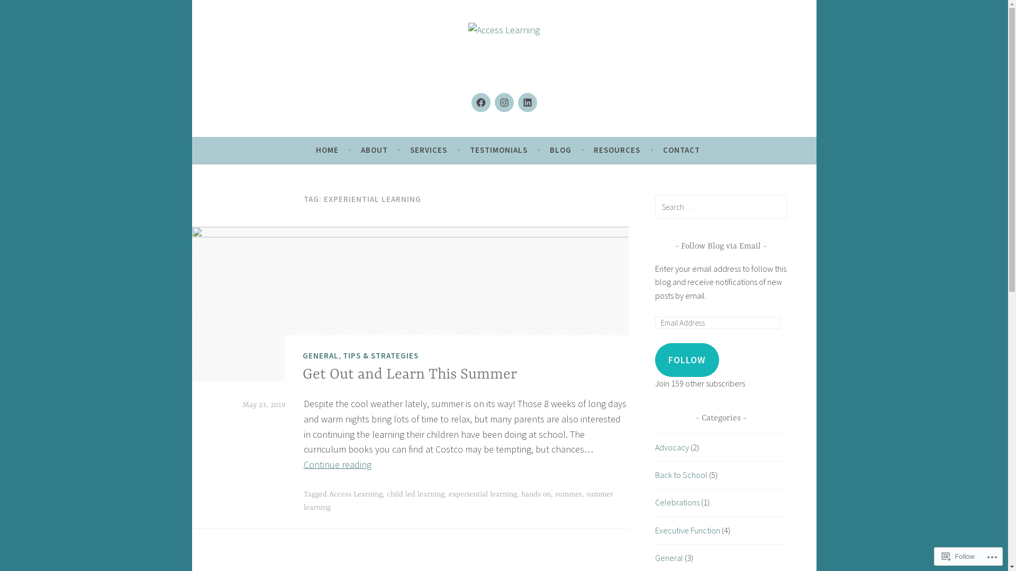 The image size is (1016, 571). I want to click on 'Back to School', so click(681, 474).